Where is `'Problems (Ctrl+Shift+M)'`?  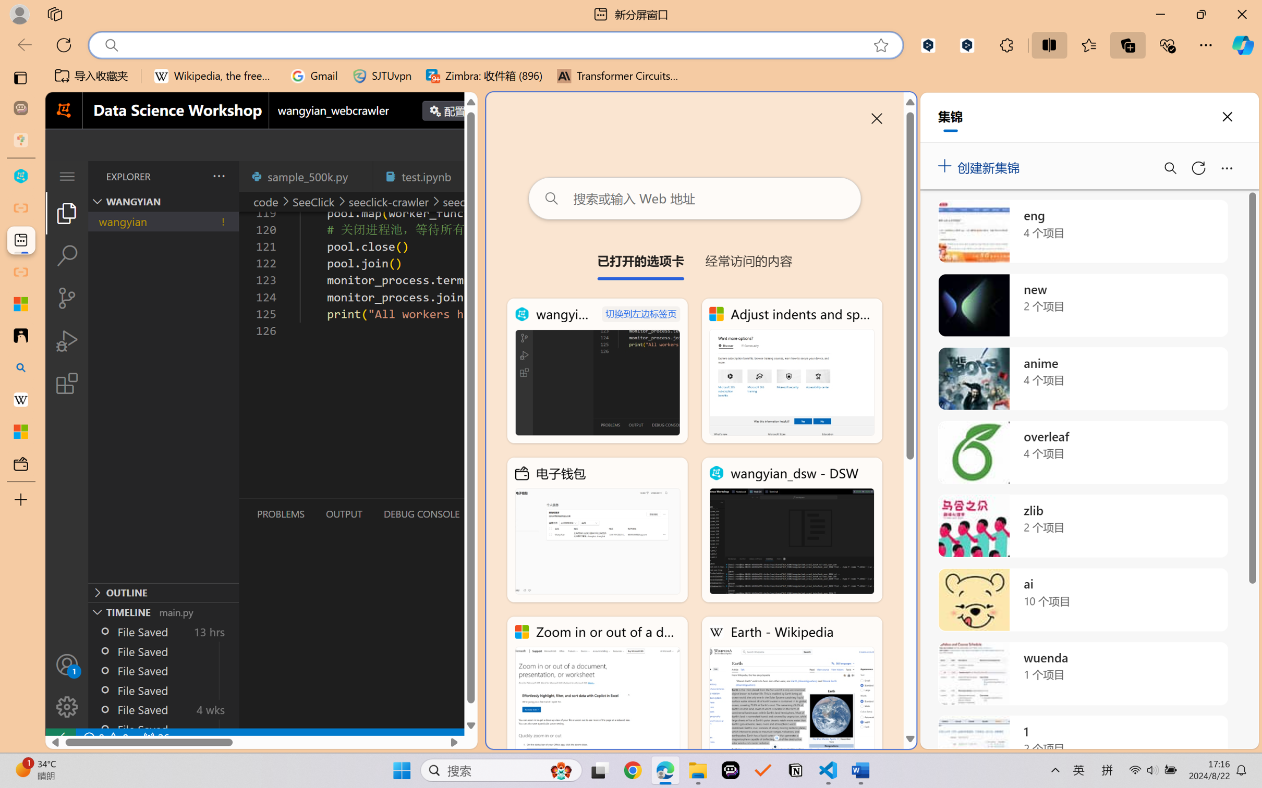
'Problems (Ctrl+Shift+M)' is located at coordinates (280, 514).